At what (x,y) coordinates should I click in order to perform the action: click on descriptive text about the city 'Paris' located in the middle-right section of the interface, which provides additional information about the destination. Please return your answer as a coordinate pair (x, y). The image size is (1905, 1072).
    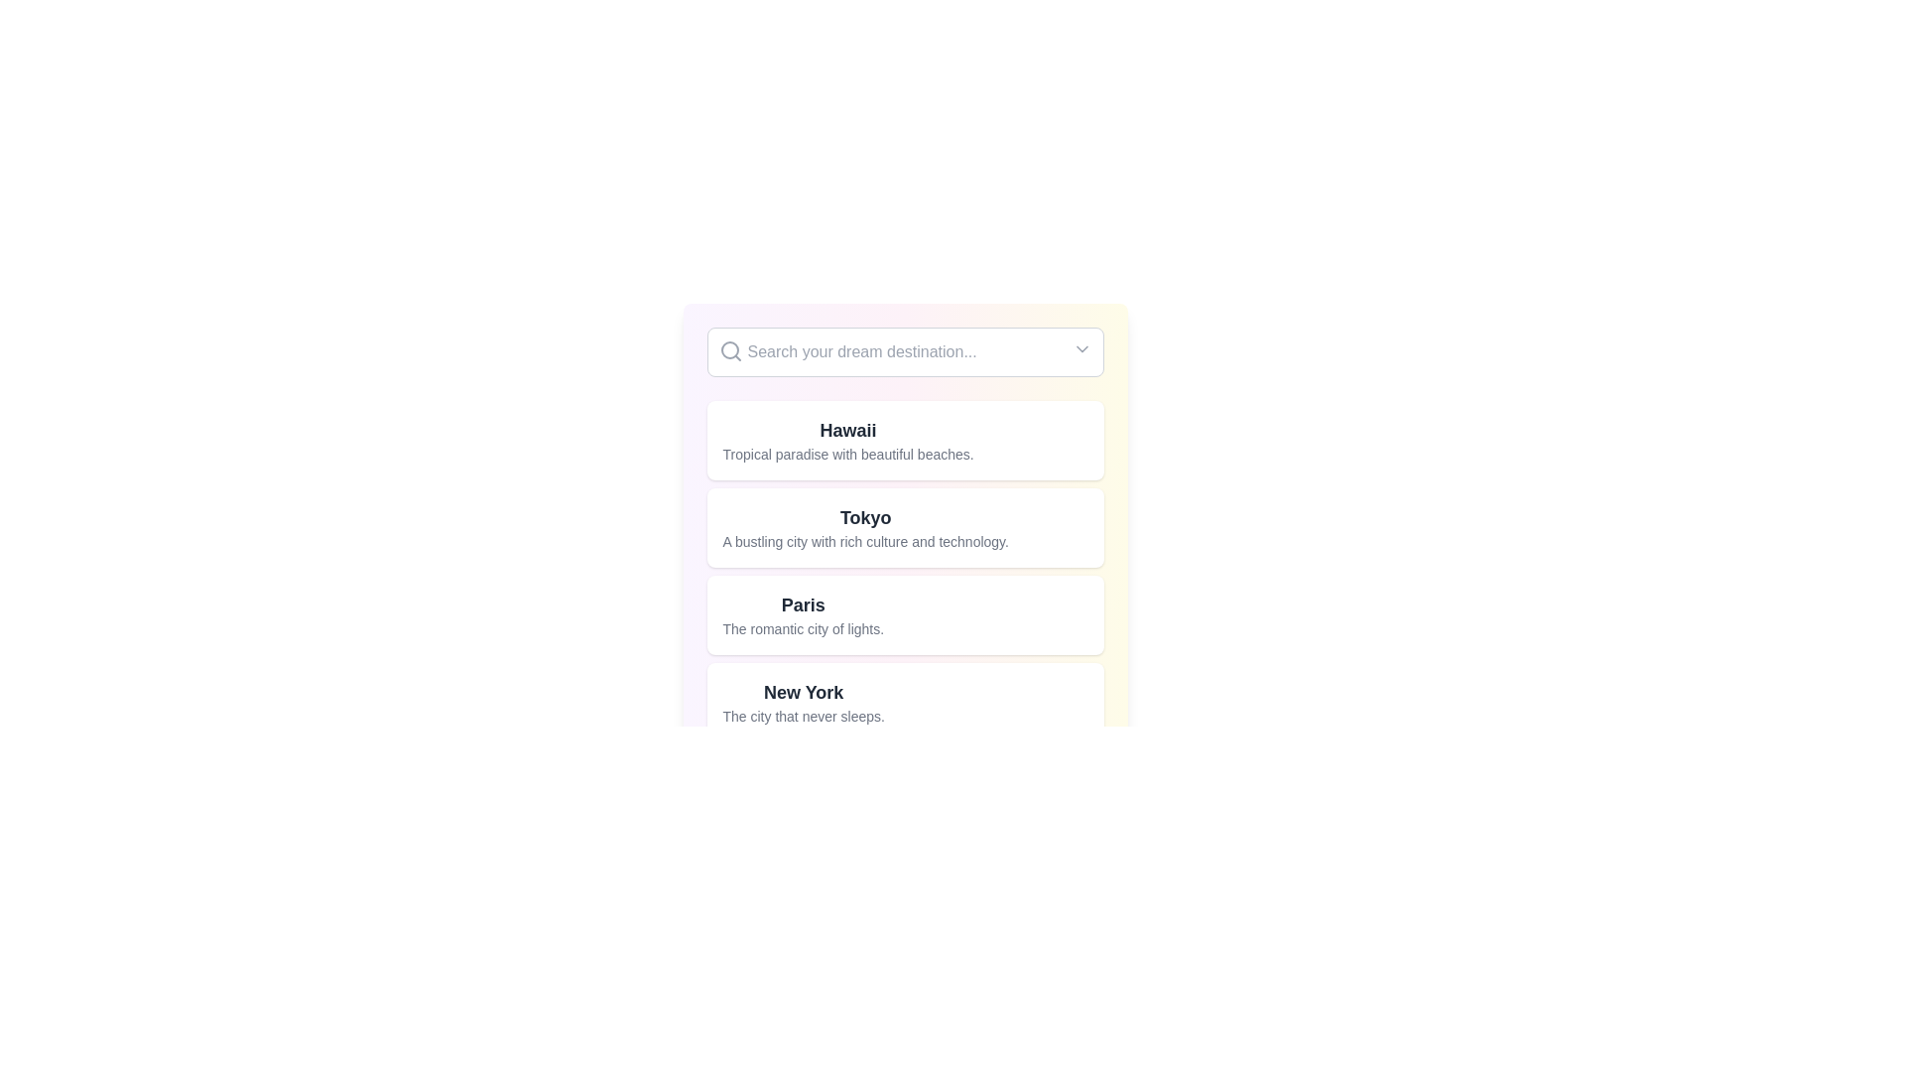
    Looking at the image, I should click on (803, 628).